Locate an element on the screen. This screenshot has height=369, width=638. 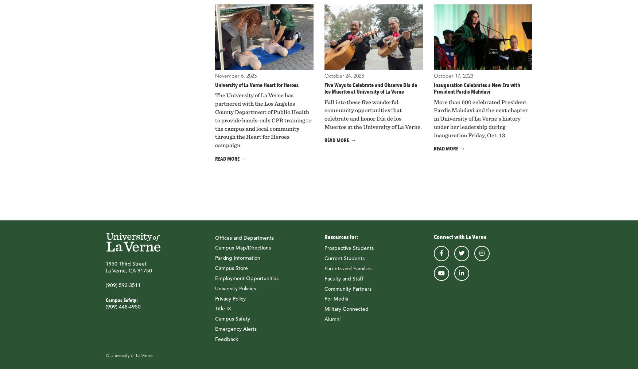
'Parents and Families' is located at coordinates (348, 268).